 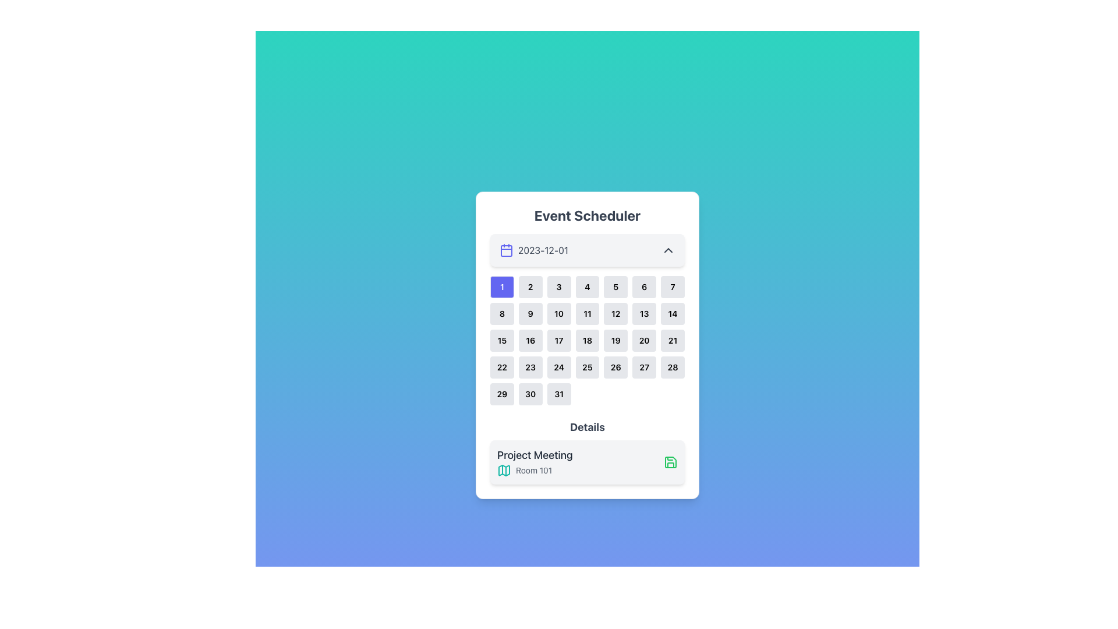 What do you see at coordinates (587, 341) in the screenshot?
I see `the calendar day selection button labeled '18', located in the third row and fourth column of the interactive calendar grid, directly beneath the date display '2023-12-01'` at bounding box center [587, 341].